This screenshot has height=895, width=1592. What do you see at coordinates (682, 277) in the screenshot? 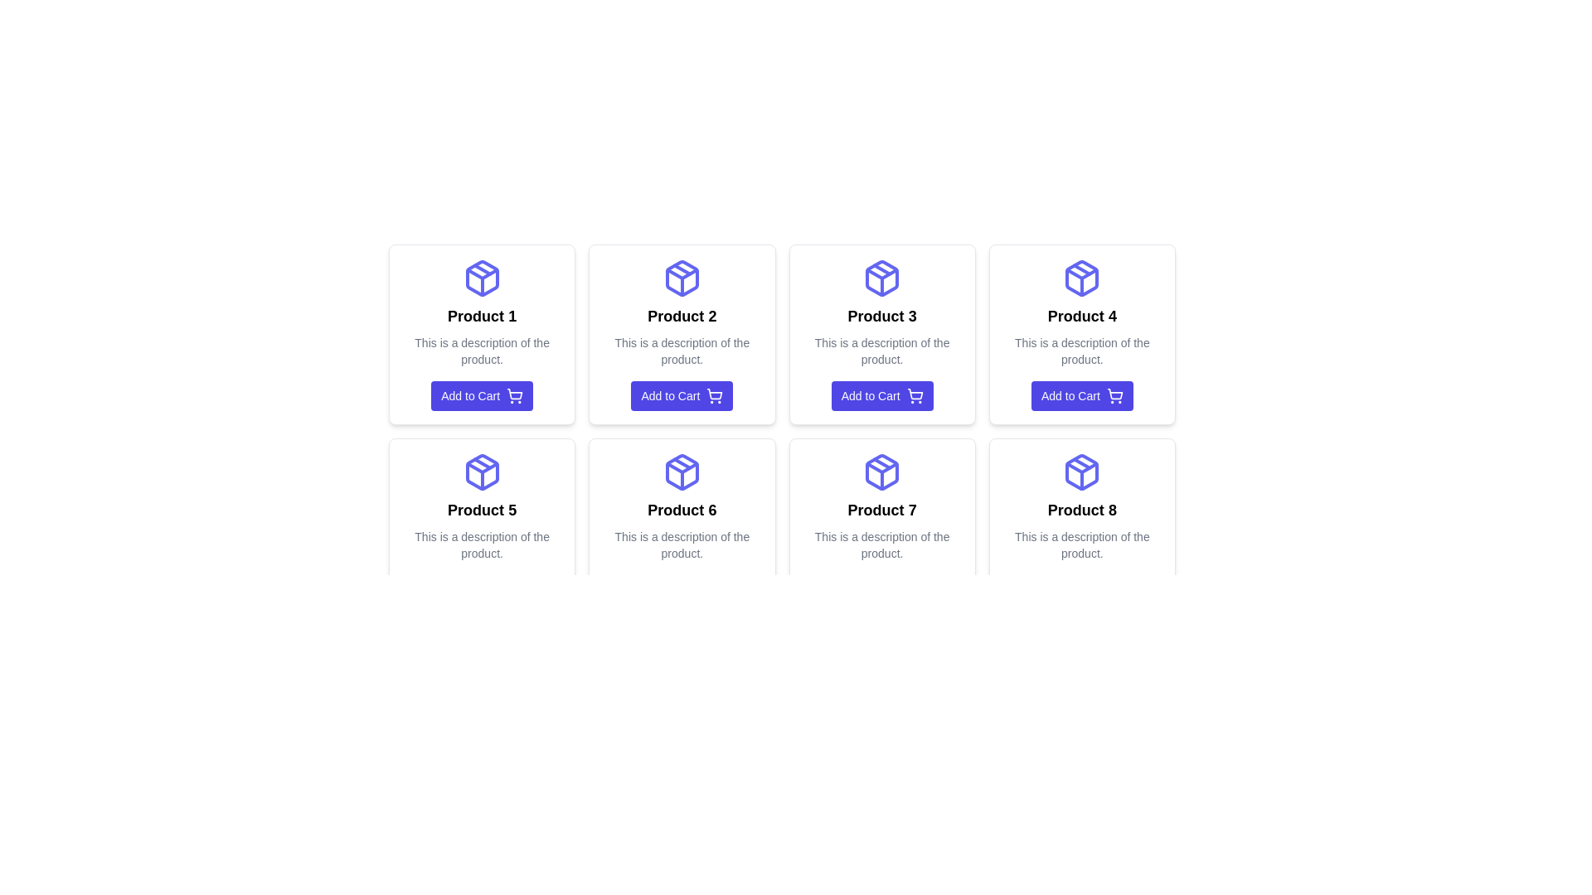
I see `the product icon representing 'Product 2', located in the second product card of the first row, above the title text 'Product 2'` at bounding box center [682, 277].